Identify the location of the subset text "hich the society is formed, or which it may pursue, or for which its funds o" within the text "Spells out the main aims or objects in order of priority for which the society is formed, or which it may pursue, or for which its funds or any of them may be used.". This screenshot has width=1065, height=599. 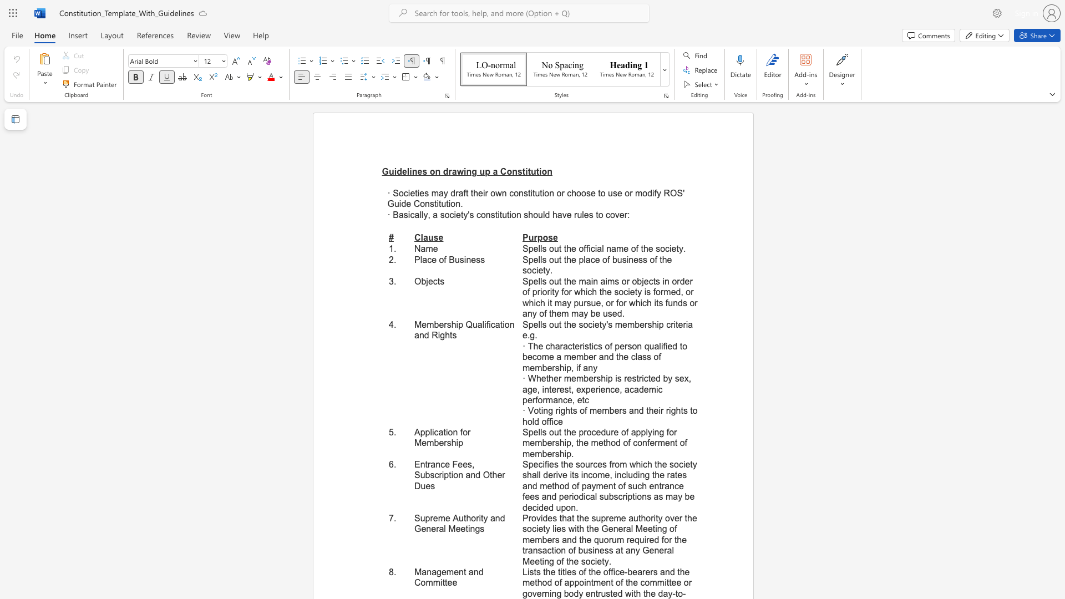
(580, 291).